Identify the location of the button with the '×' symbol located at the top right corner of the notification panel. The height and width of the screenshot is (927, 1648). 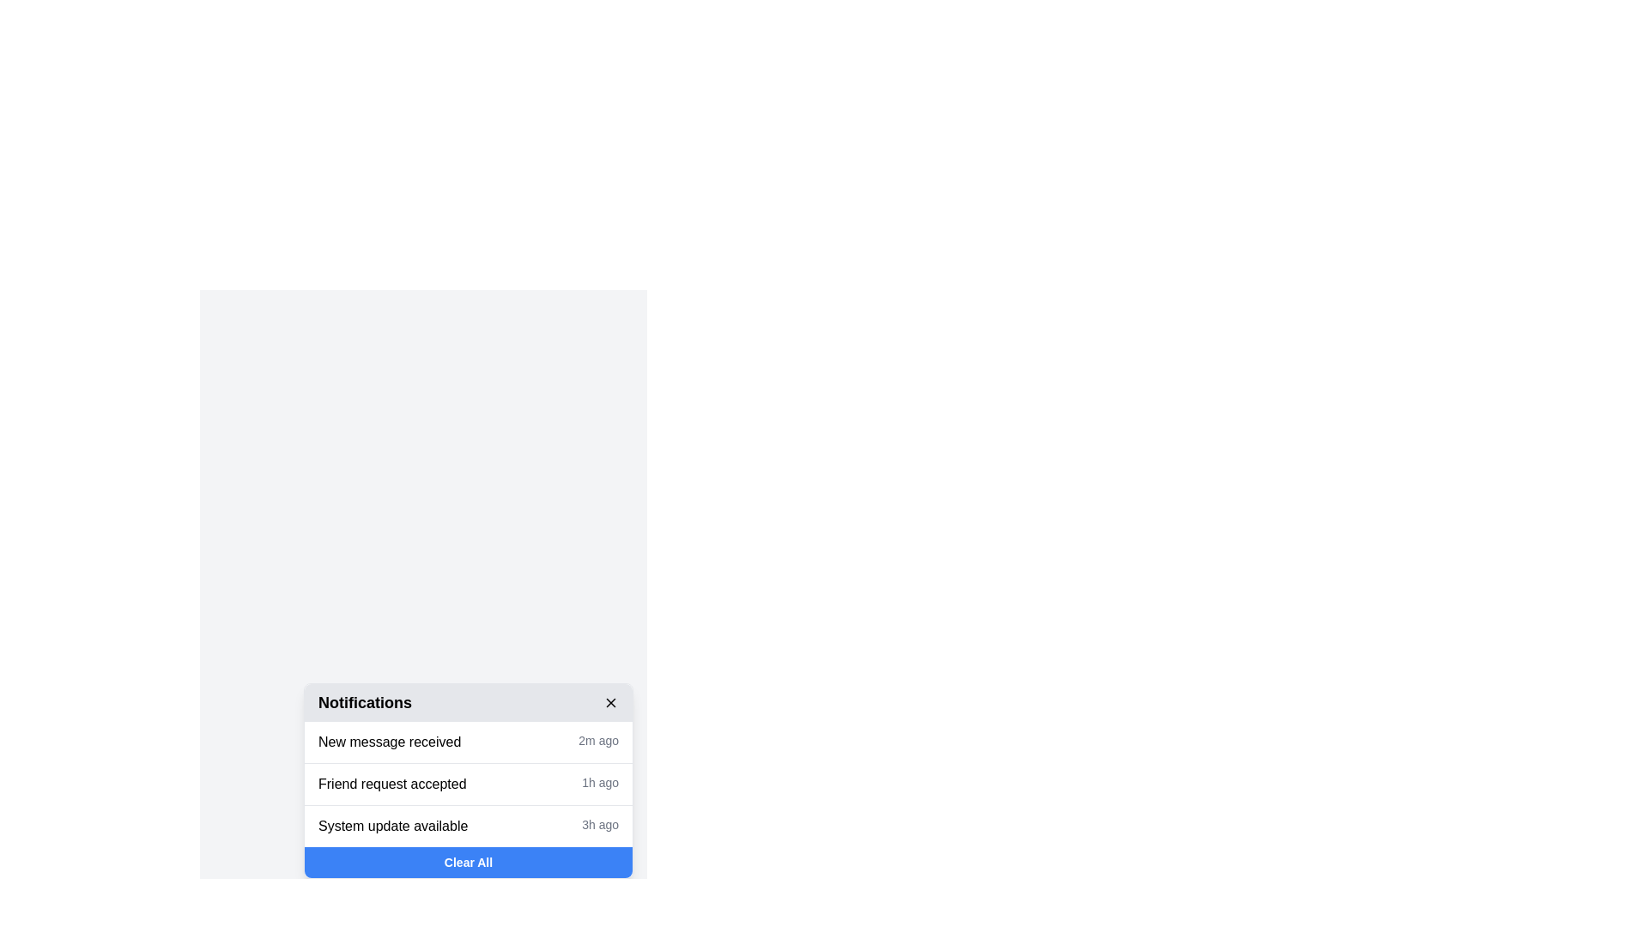
(610, 702).